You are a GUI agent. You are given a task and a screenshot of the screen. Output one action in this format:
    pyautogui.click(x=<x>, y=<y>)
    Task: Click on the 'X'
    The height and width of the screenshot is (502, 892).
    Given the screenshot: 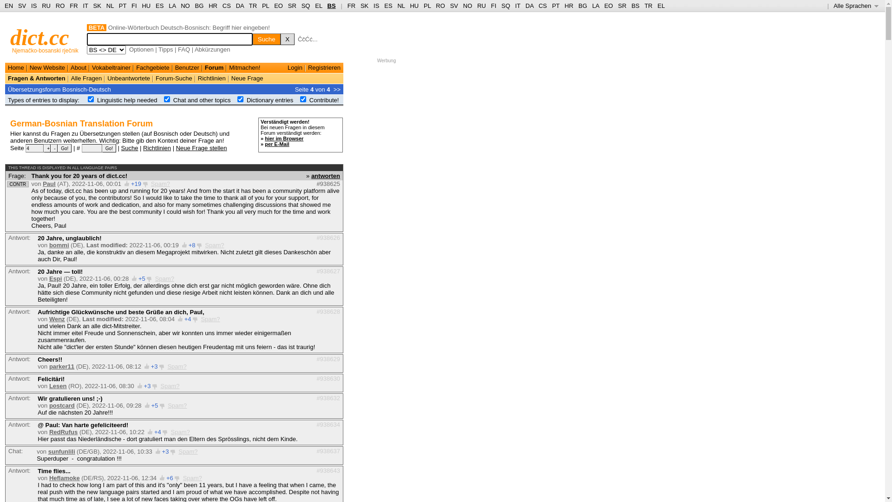 What is the action you would take?
    pyautogui.click(x=287, y=39)
    